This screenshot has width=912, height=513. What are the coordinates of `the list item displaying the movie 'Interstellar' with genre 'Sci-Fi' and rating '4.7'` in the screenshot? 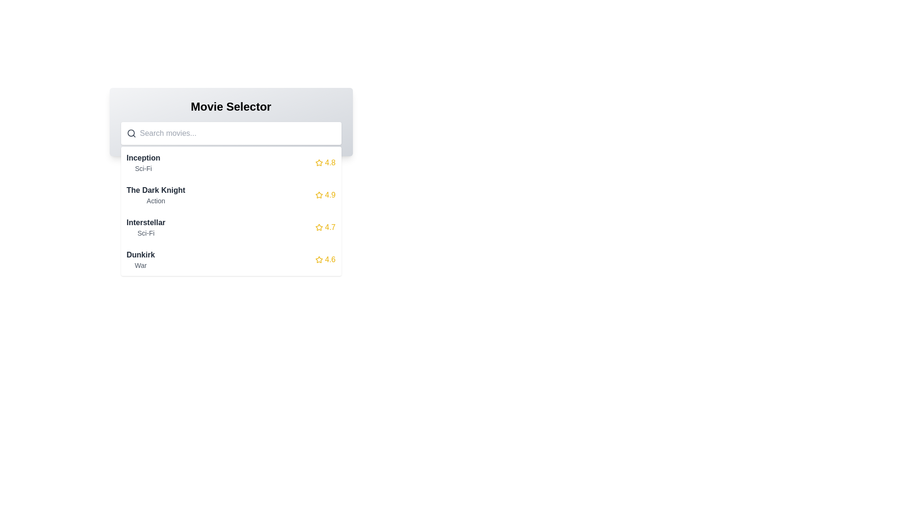 It's located at (231, 227).